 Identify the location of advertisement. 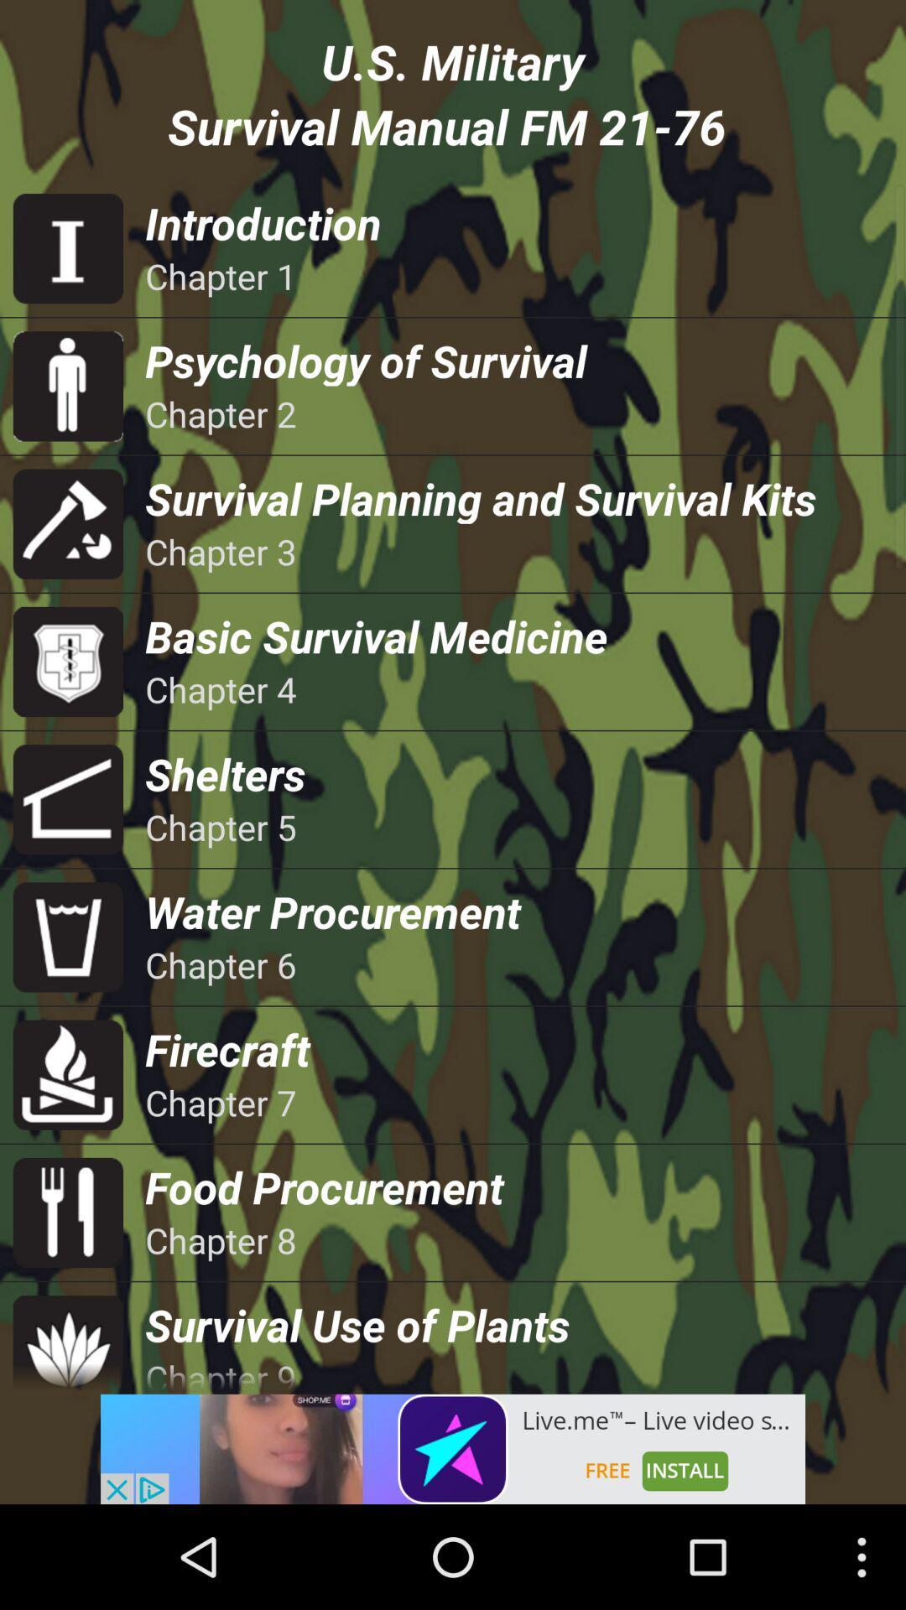
(453, 1448).